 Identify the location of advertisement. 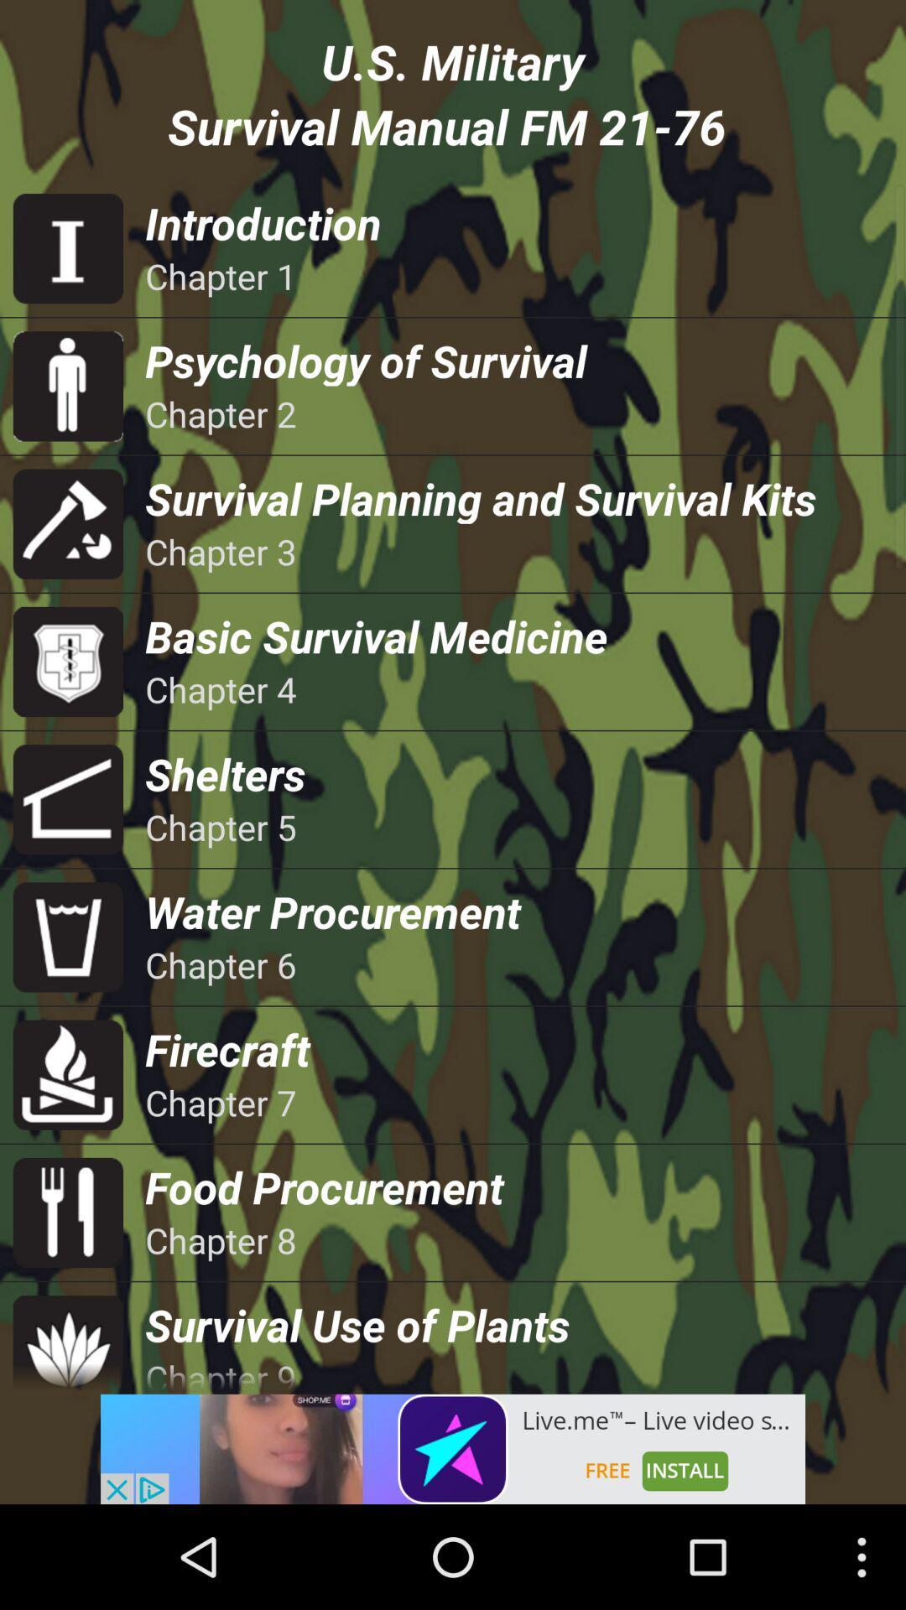
(453, 1448).